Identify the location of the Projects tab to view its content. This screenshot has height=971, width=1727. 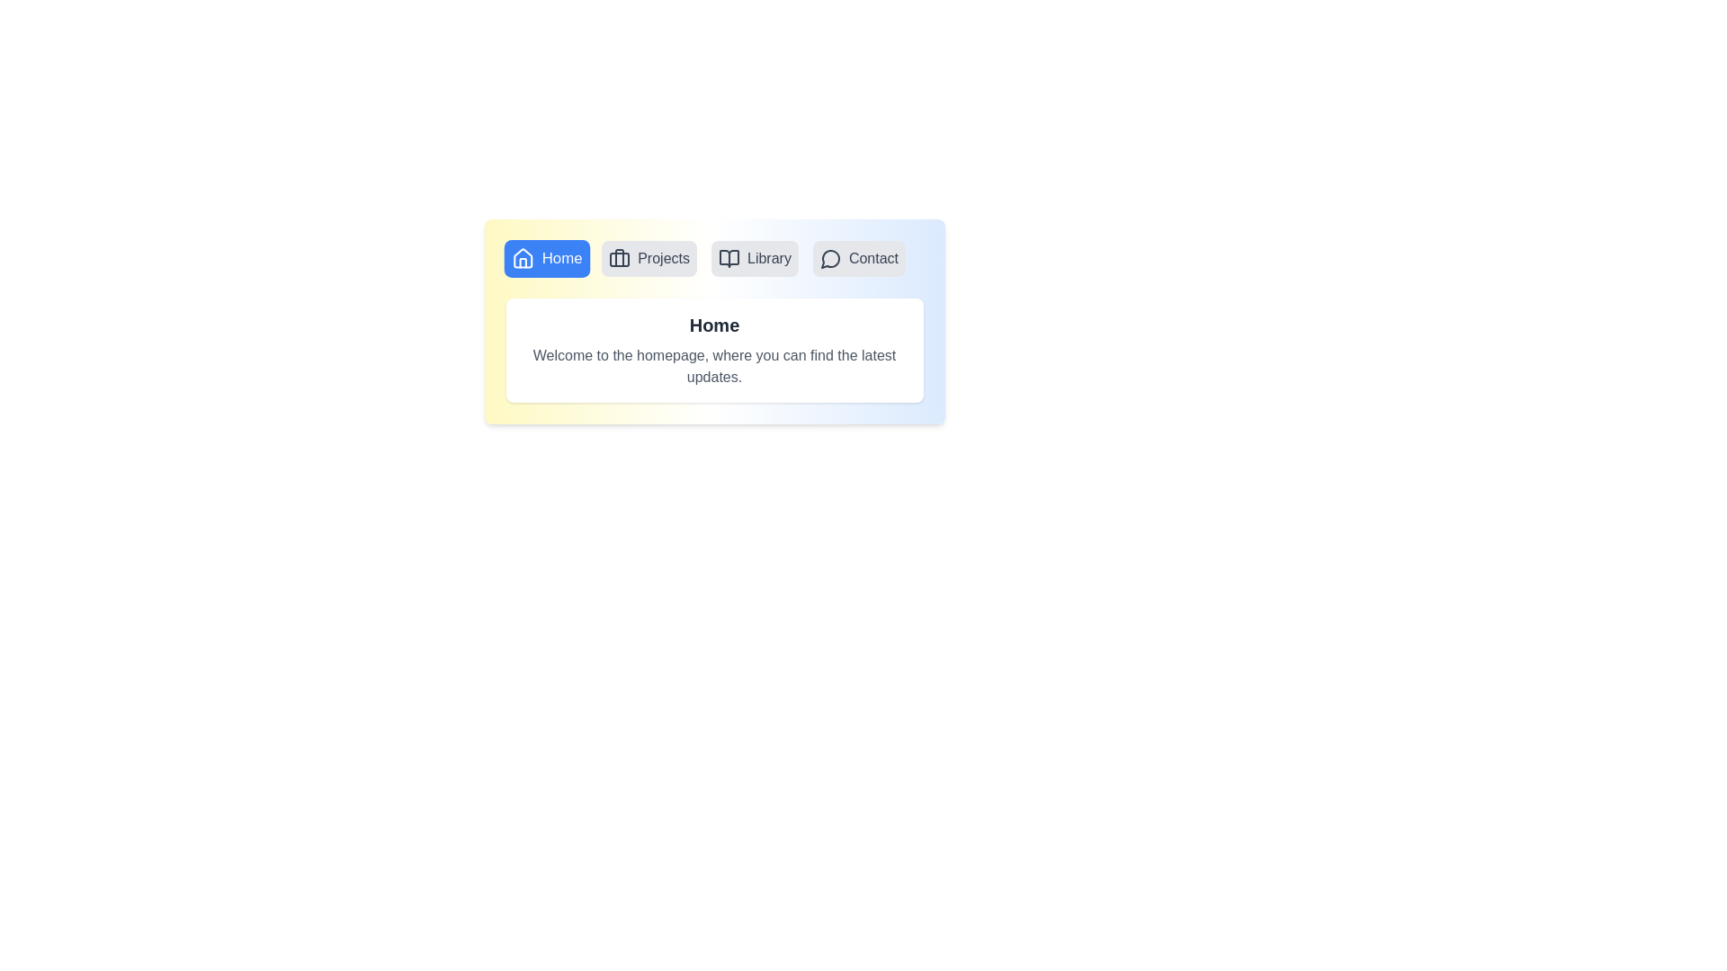
(649, 259).